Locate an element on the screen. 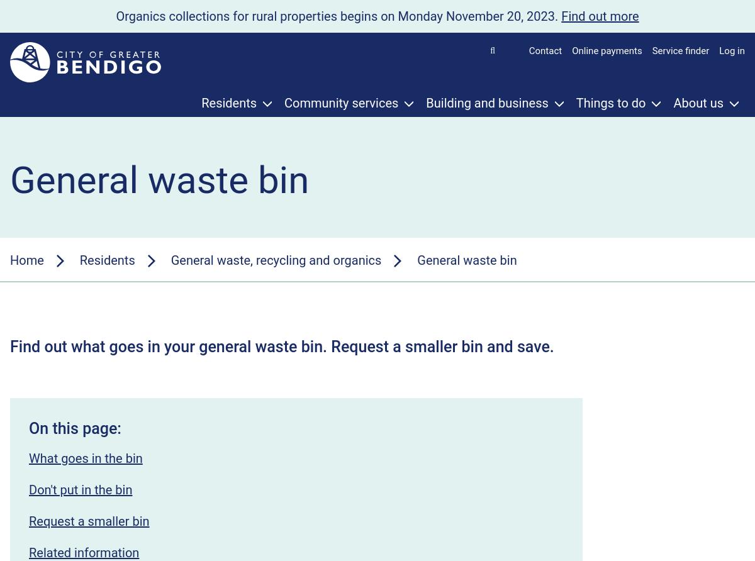  'Related information' is located at coordinates (84, 552).